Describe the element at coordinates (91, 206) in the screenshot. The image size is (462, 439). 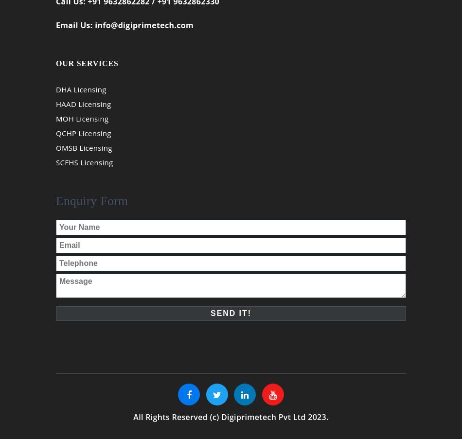
I see `'Enquiry Form'` at that location.